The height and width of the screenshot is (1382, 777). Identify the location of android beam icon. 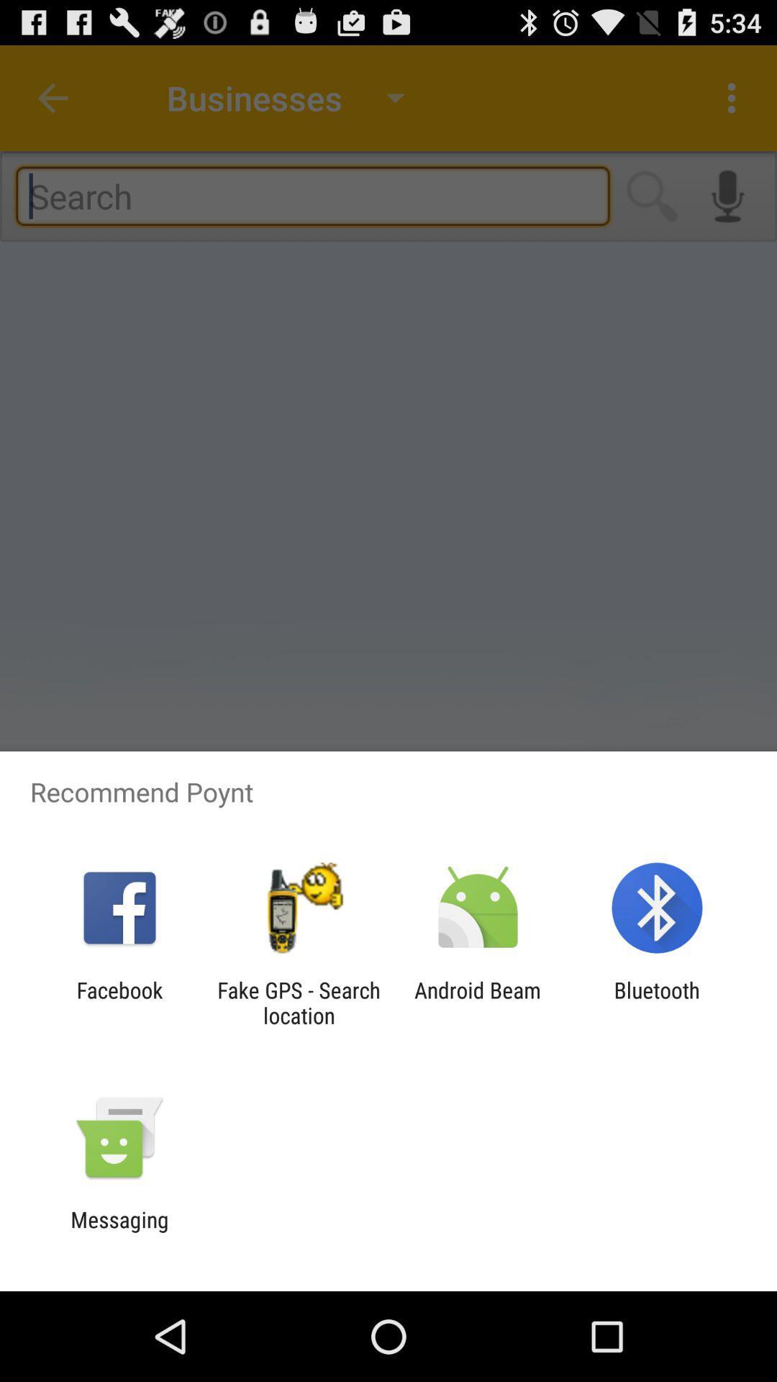
(478, 1002).